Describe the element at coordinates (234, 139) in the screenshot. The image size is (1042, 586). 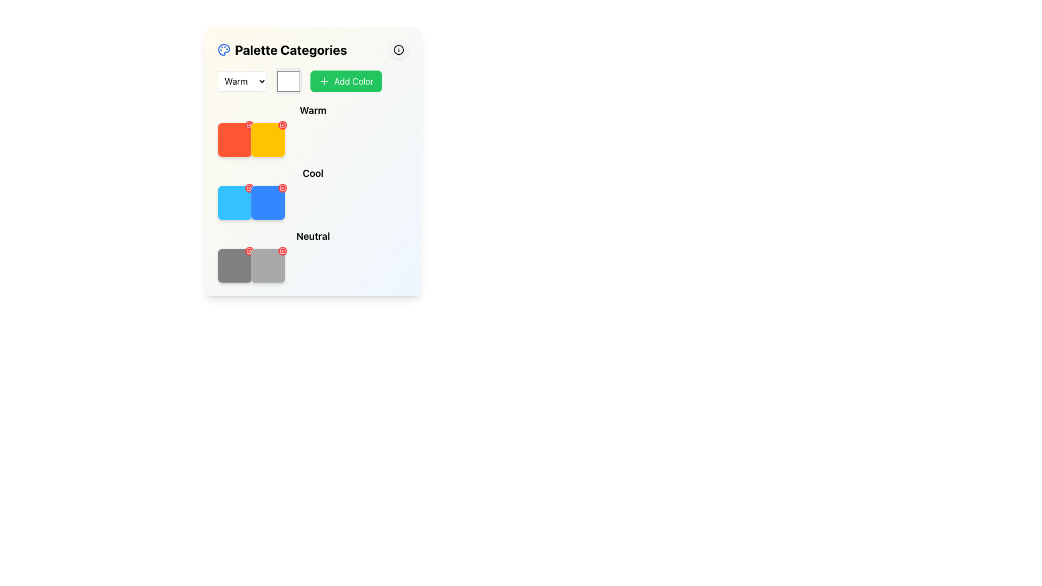
I see `the vibrant red-orange Color Swatch located in the 'Warm' grid layout` at that location.